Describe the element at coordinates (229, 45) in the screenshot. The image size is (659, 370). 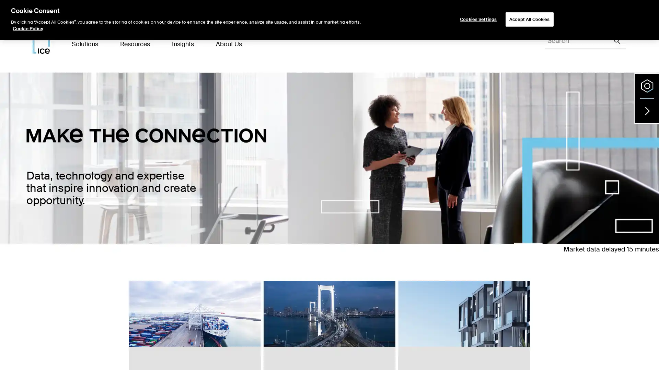
I see `About Us` at that location.